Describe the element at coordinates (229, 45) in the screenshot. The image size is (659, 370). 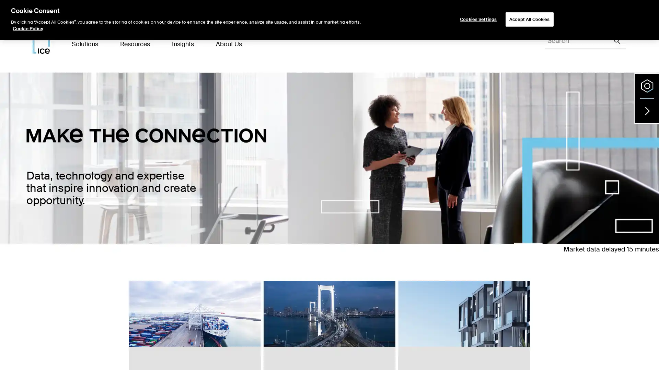
I see `About Us` at that location.